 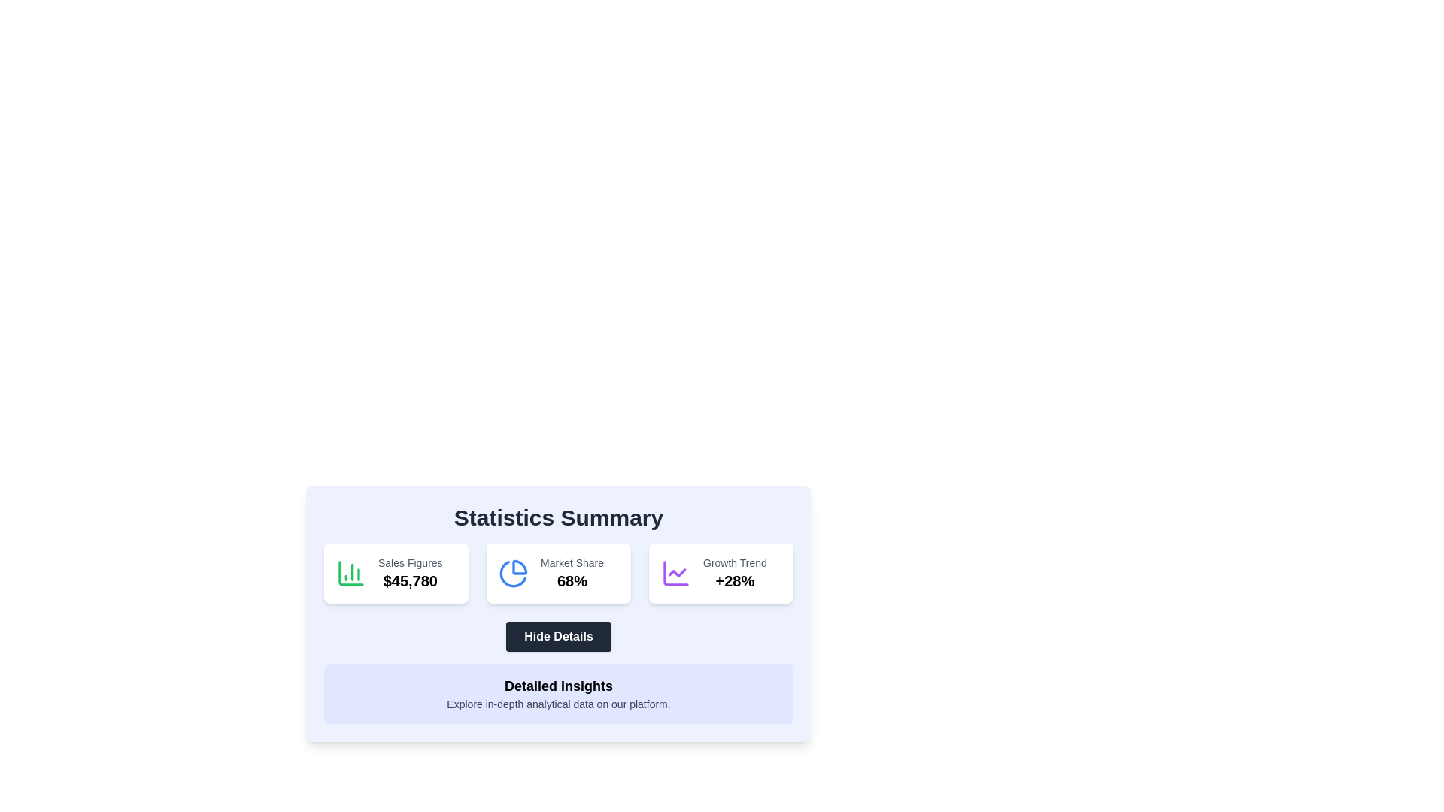 What do you see at coordinates (513, 574) in the screenshot?
I see `the blue pie chart icon located in the middle section of the Statistics Summary card, prominently above the 'Hide Details' button` at bounding box center [513, 574].